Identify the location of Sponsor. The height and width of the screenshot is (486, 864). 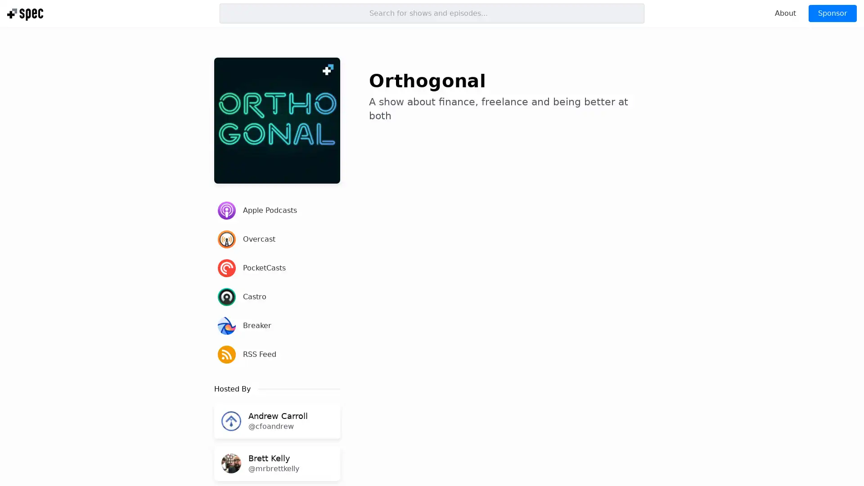
(832, 17).